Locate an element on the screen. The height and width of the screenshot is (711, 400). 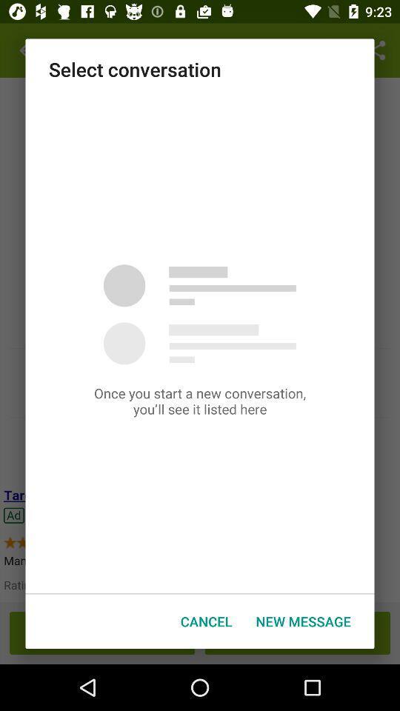
the new message is located at coordinates (302, 621).